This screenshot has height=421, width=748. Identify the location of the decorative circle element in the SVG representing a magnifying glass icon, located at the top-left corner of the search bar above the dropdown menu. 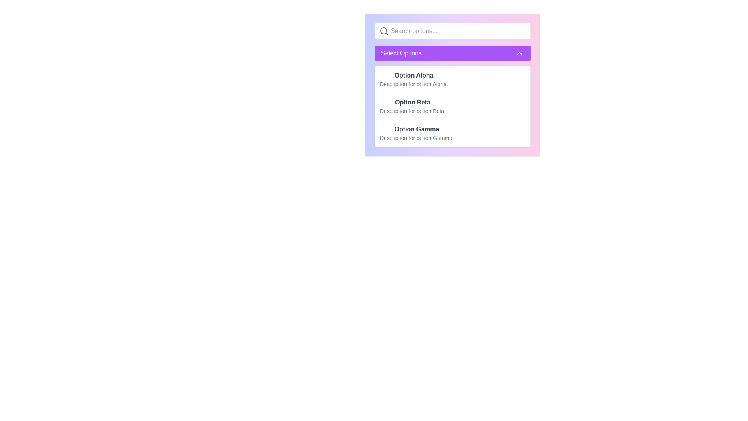
(383, 30).